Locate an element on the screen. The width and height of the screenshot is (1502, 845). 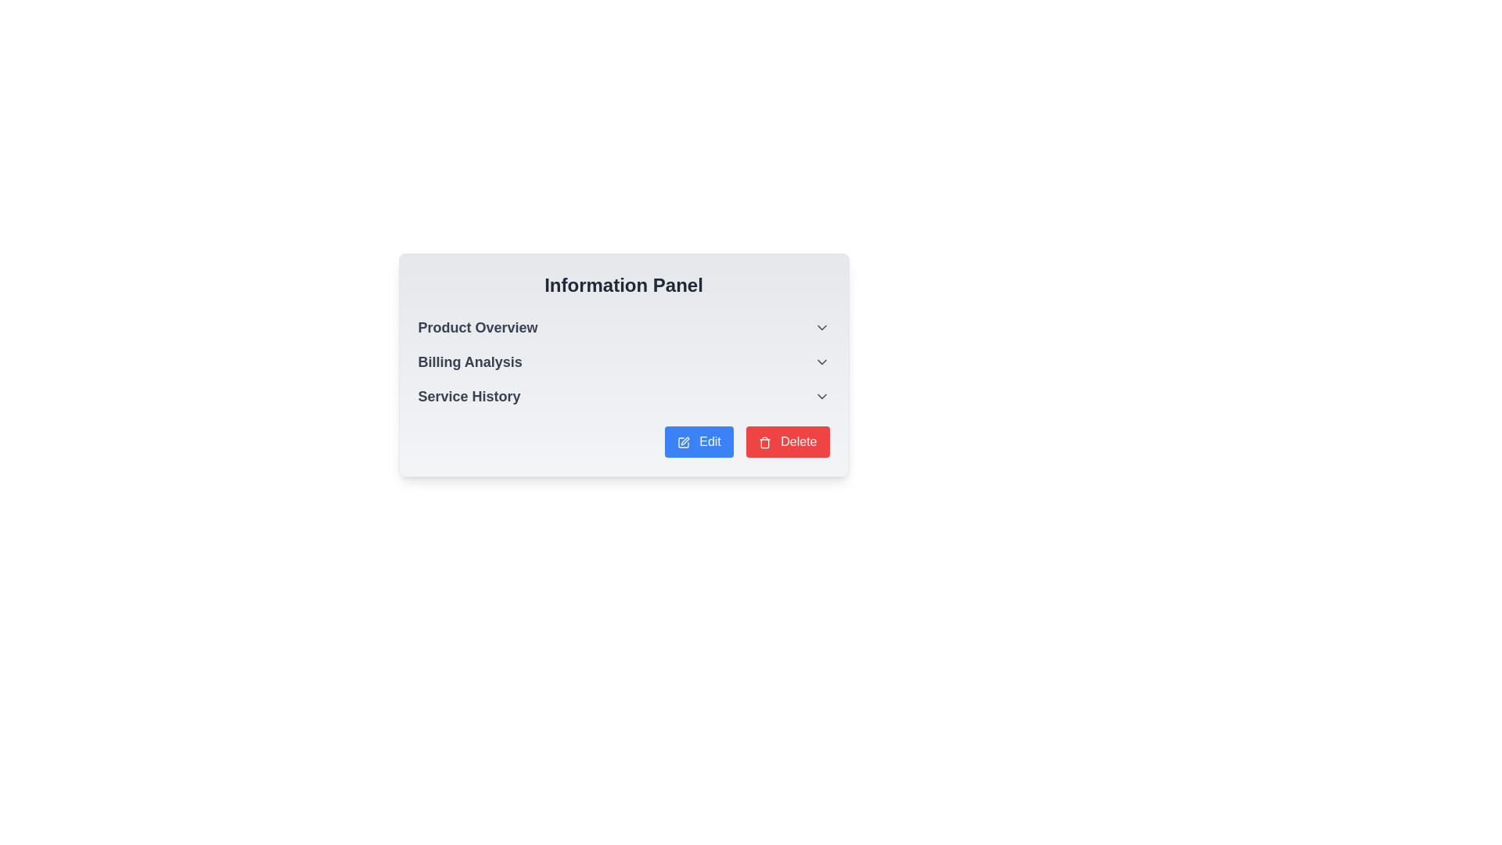
on the 'Billing Analysis' section of the collapsible menu located within the 'Information Panel' is located at coordinates (623, 361).